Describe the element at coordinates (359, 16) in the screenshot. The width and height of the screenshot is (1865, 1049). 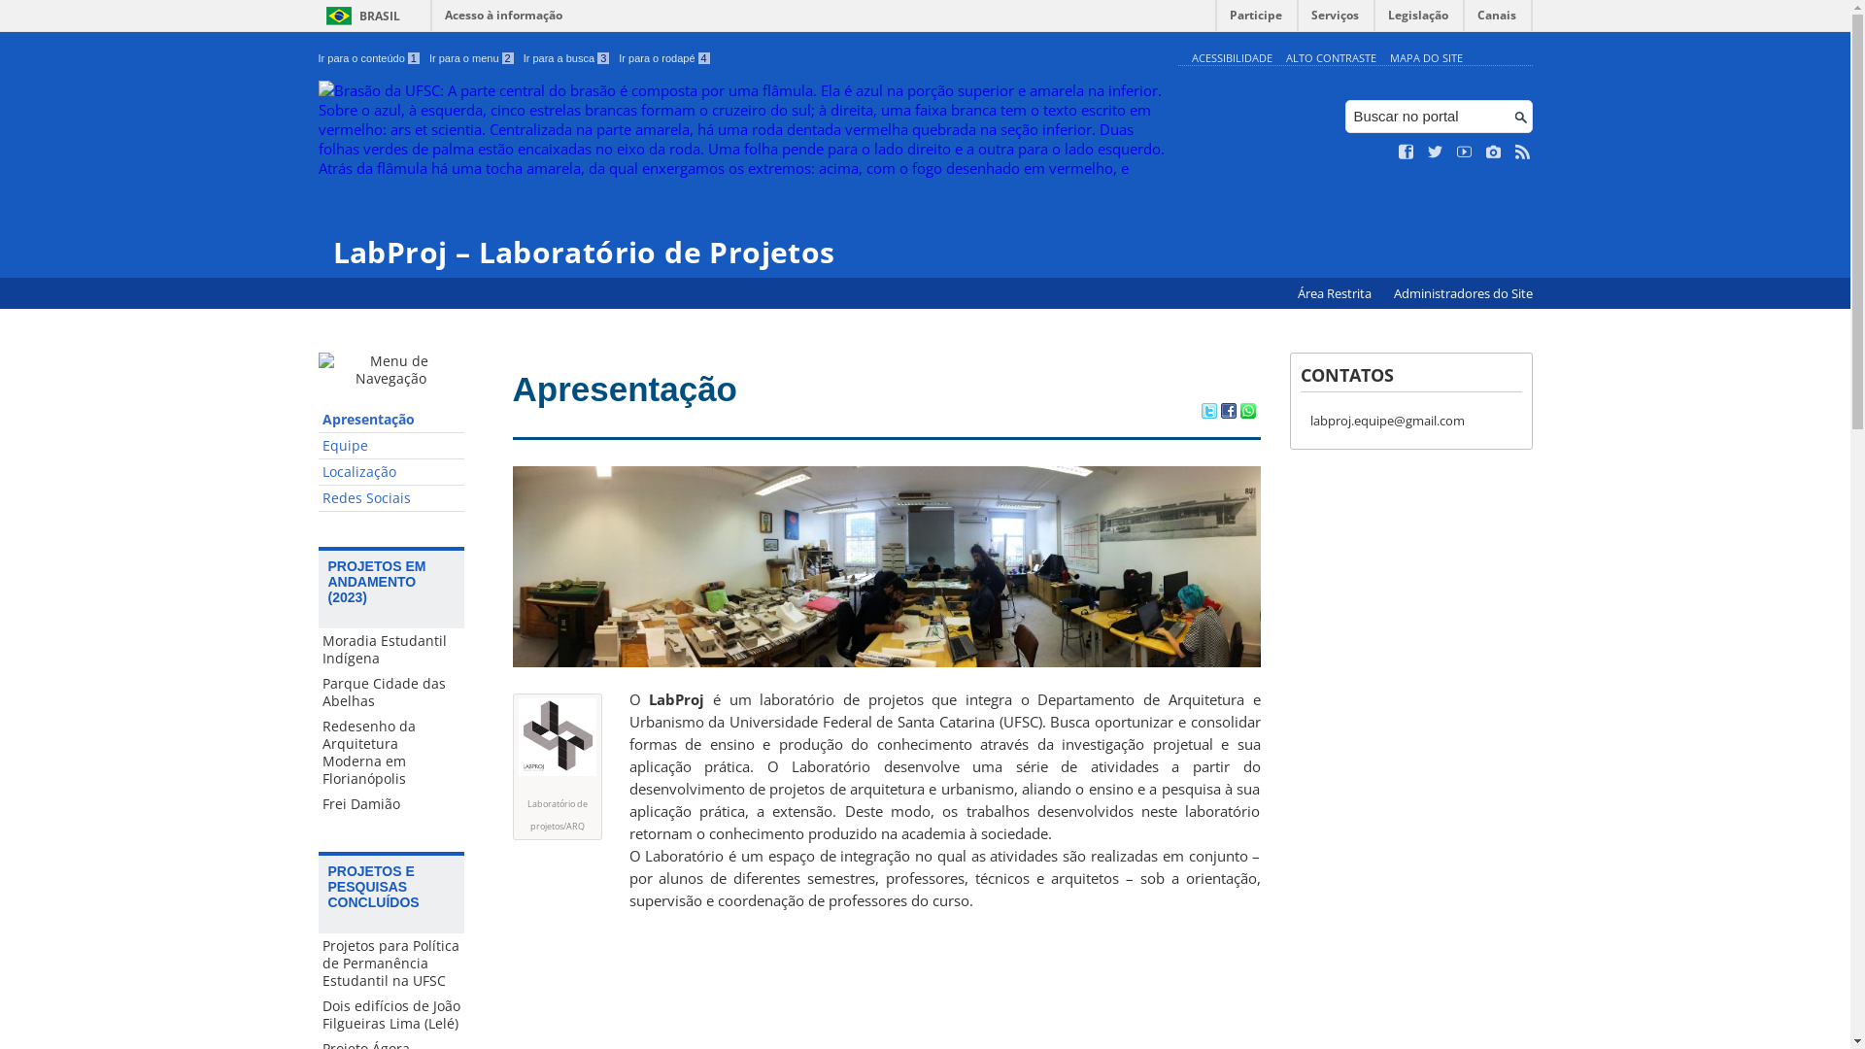
I see `'BRASIL'` at that location.